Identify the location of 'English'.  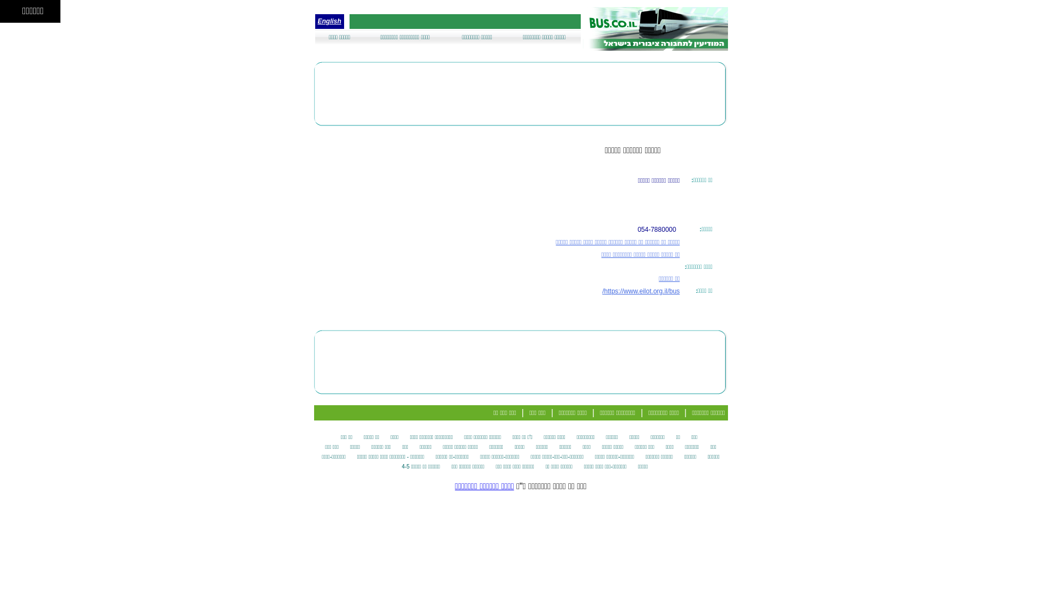
(328, 21).